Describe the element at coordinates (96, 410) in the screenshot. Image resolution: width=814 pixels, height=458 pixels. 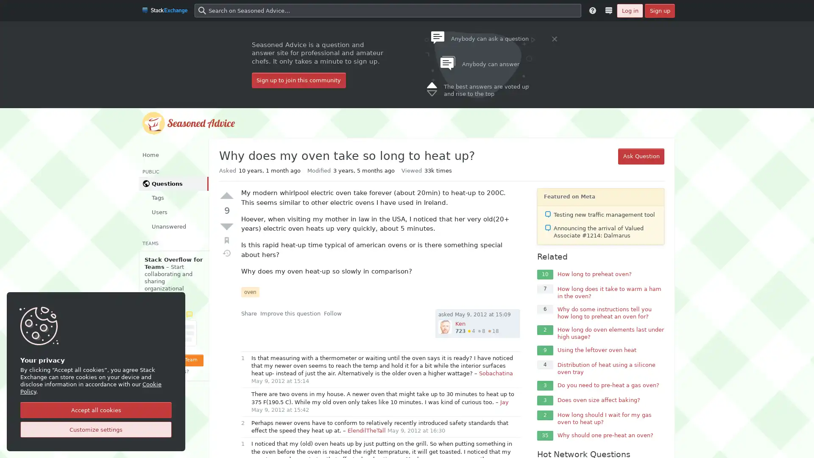
I see `Accept all cookies` at that location.